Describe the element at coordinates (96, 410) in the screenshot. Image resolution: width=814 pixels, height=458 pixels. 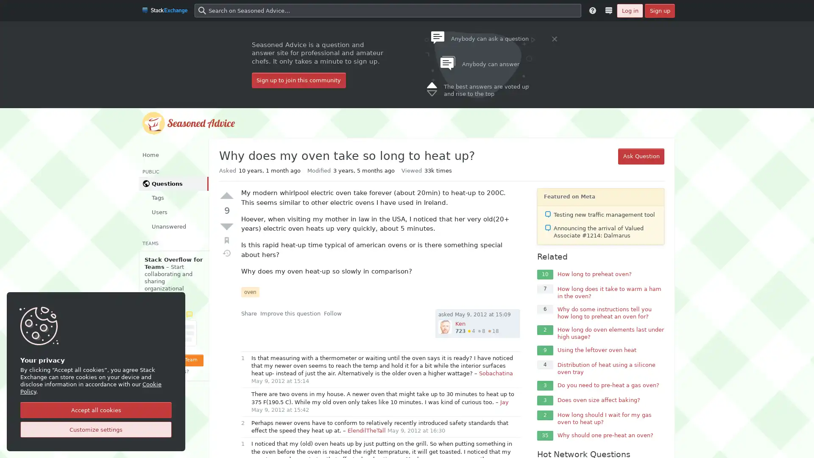
I see `Accept all cookies` at that location.